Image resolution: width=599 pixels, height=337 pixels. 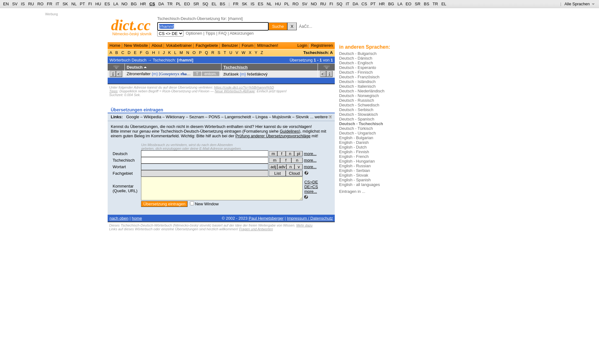 What do you see at coordinates (134, 4) in the screenshot?
I see `'BG'` at bounding box center [134, 4].